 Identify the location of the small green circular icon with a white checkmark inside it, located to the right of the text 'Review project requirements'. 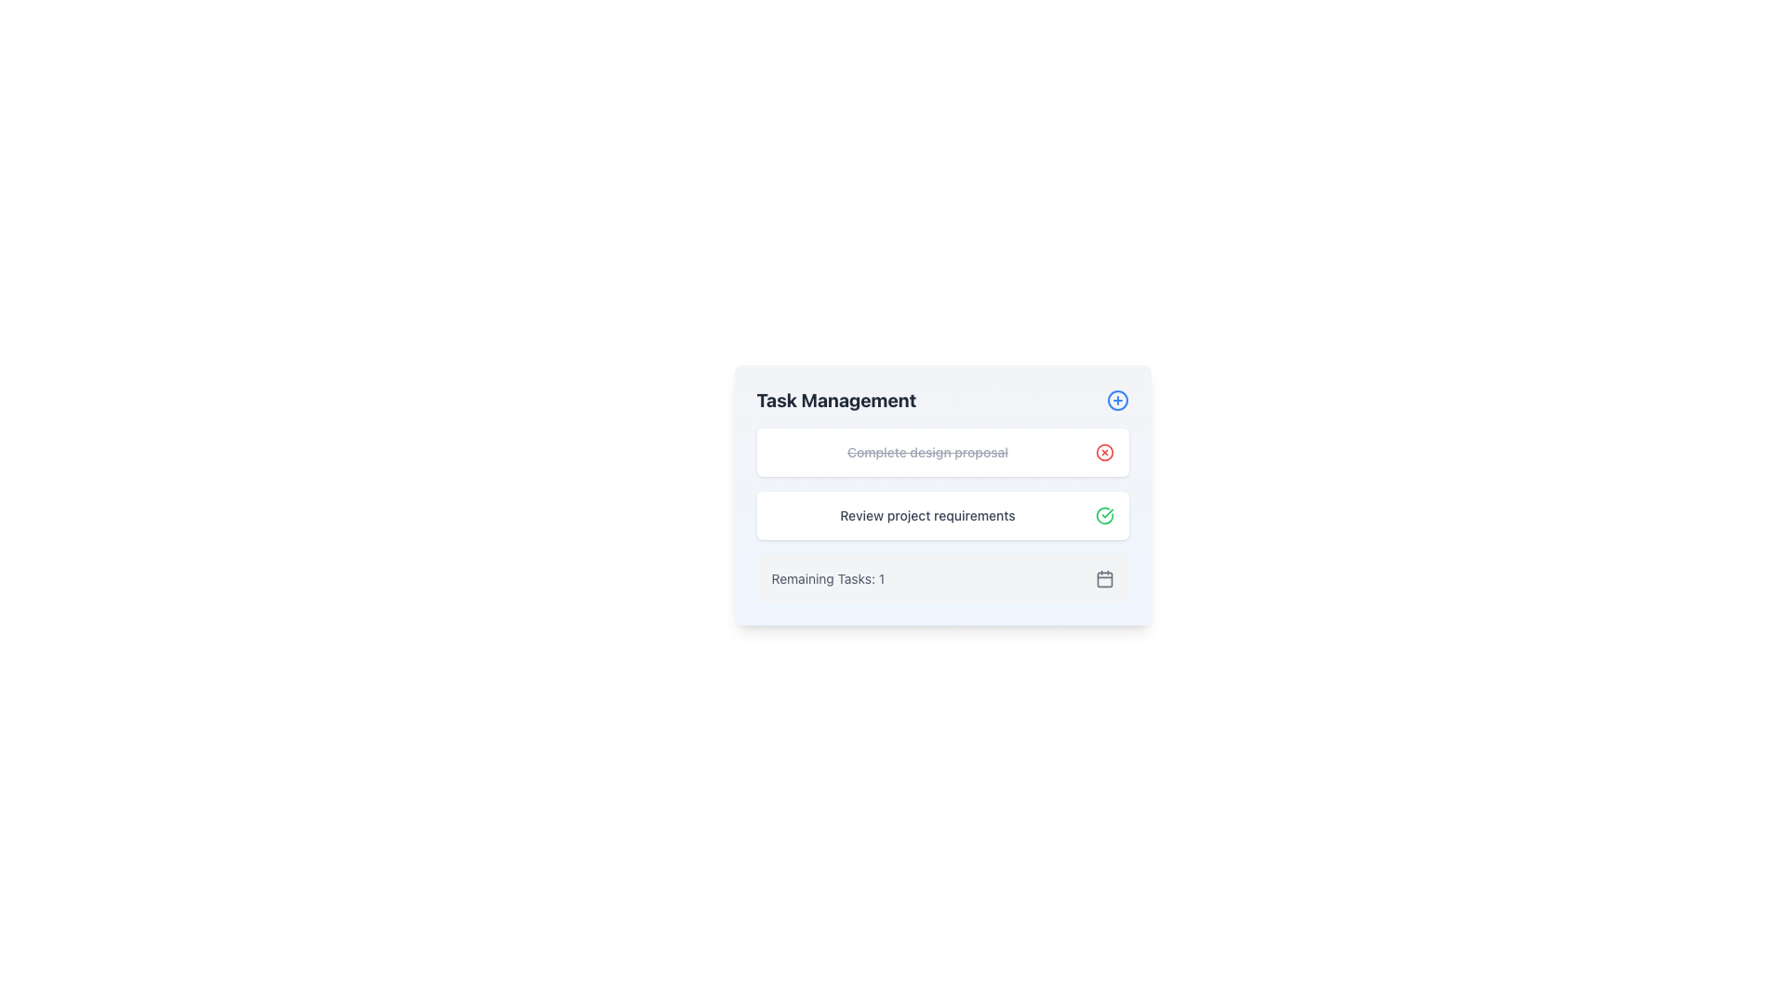
(1104, 516).